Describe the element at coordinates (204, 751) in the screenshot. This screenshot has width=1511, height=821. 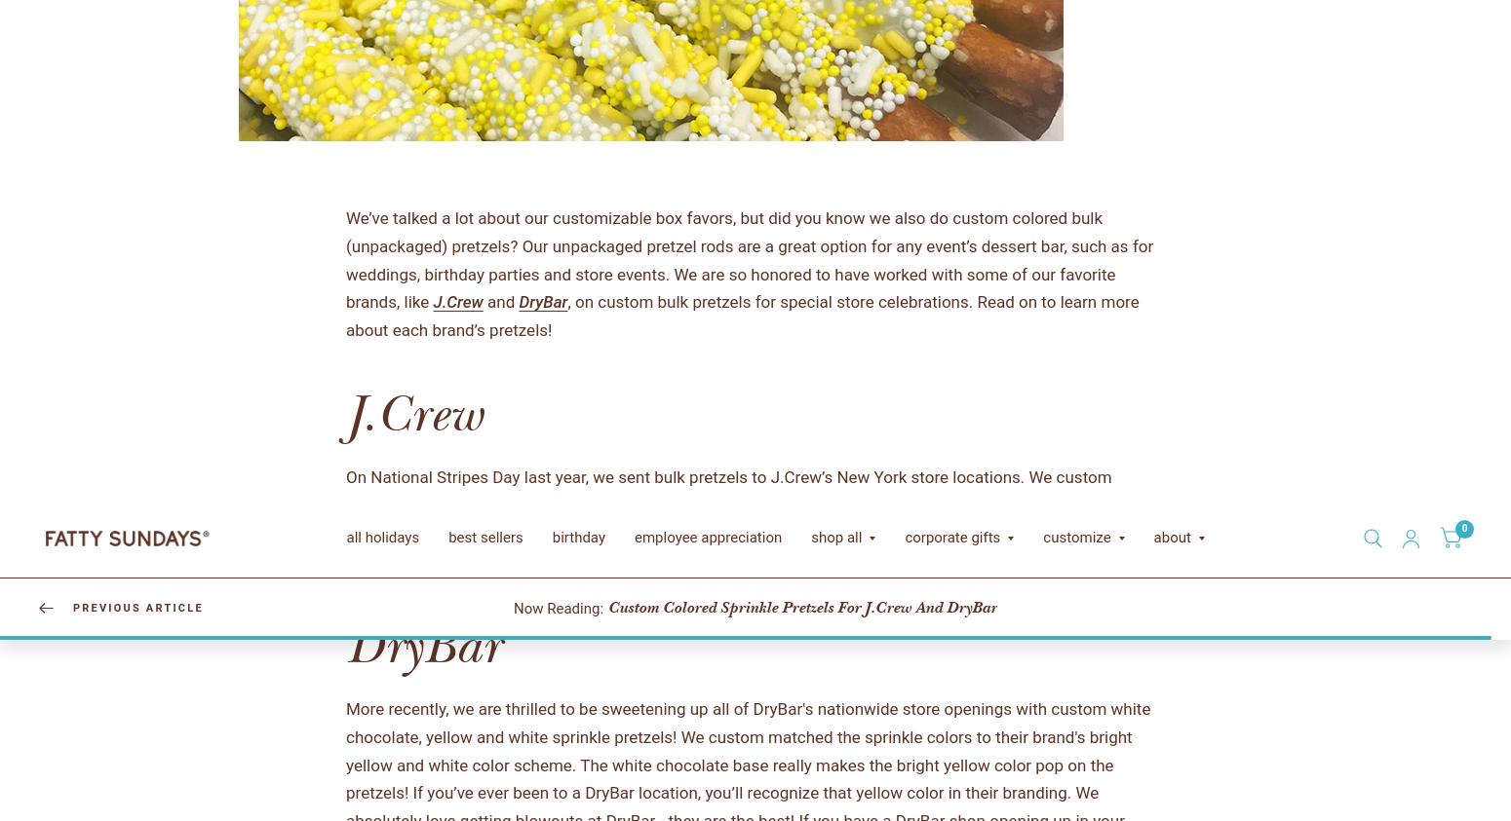
I see `'employee appreciation'` at that location.